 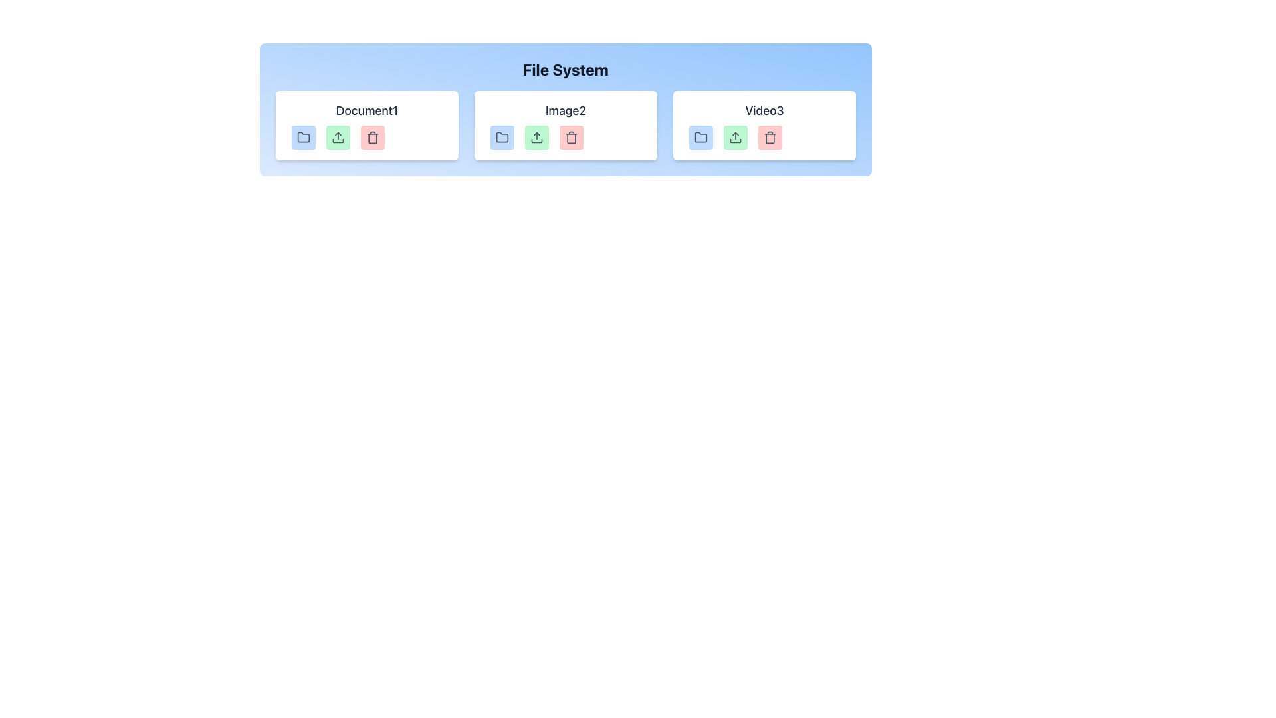 I want to click on the first button below the 'Image2' heading tile in the File System interface, so click(x=501, y=138).